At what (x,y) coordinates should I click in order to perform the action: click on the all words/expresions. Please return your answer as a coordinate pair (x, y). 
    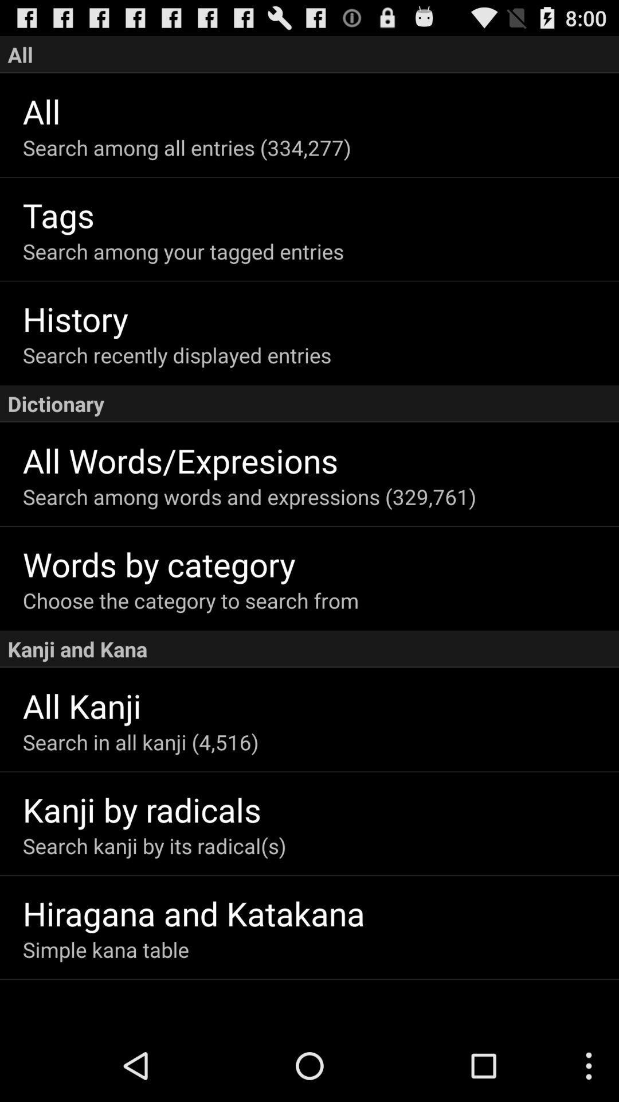
    Looking at the image, I should click on (320, 460).